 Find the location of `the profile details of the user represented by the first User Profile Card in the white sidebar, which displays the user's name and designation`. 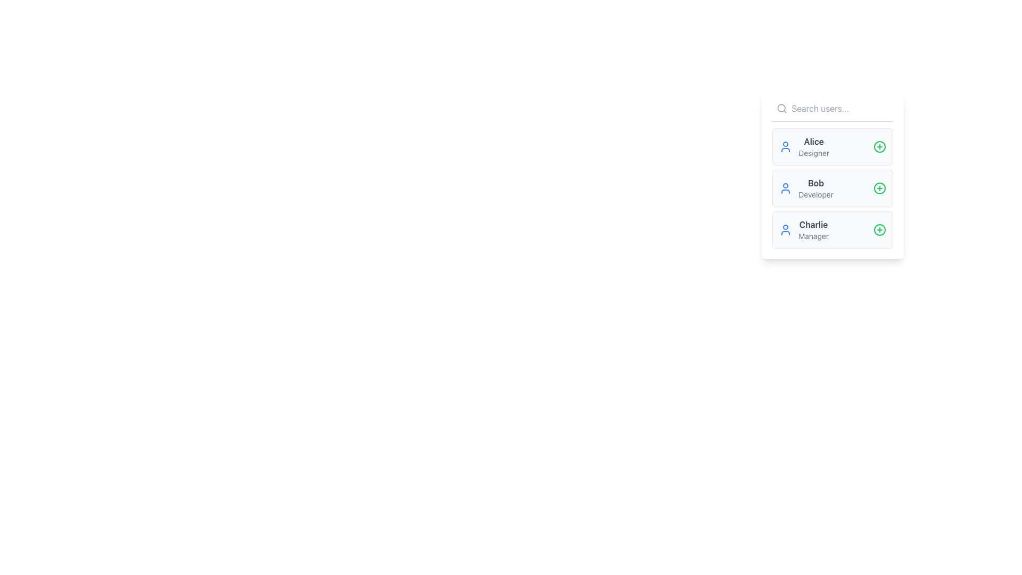

the profile details of the user represented by the first User Profile Card in the white sidebar, which displays the user's name and designation is located at coordinates (832, 147).